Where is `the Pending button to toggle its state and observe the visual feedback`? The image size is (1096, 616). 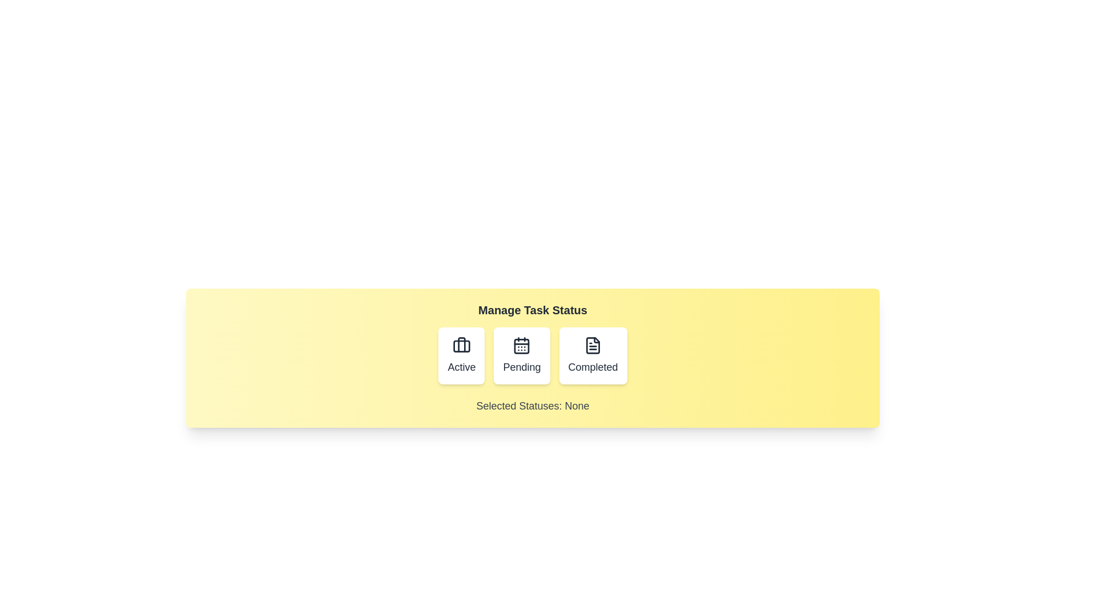 the Pending button to toggle its state and observe the visual feedback is located at coordinates (521, 355).